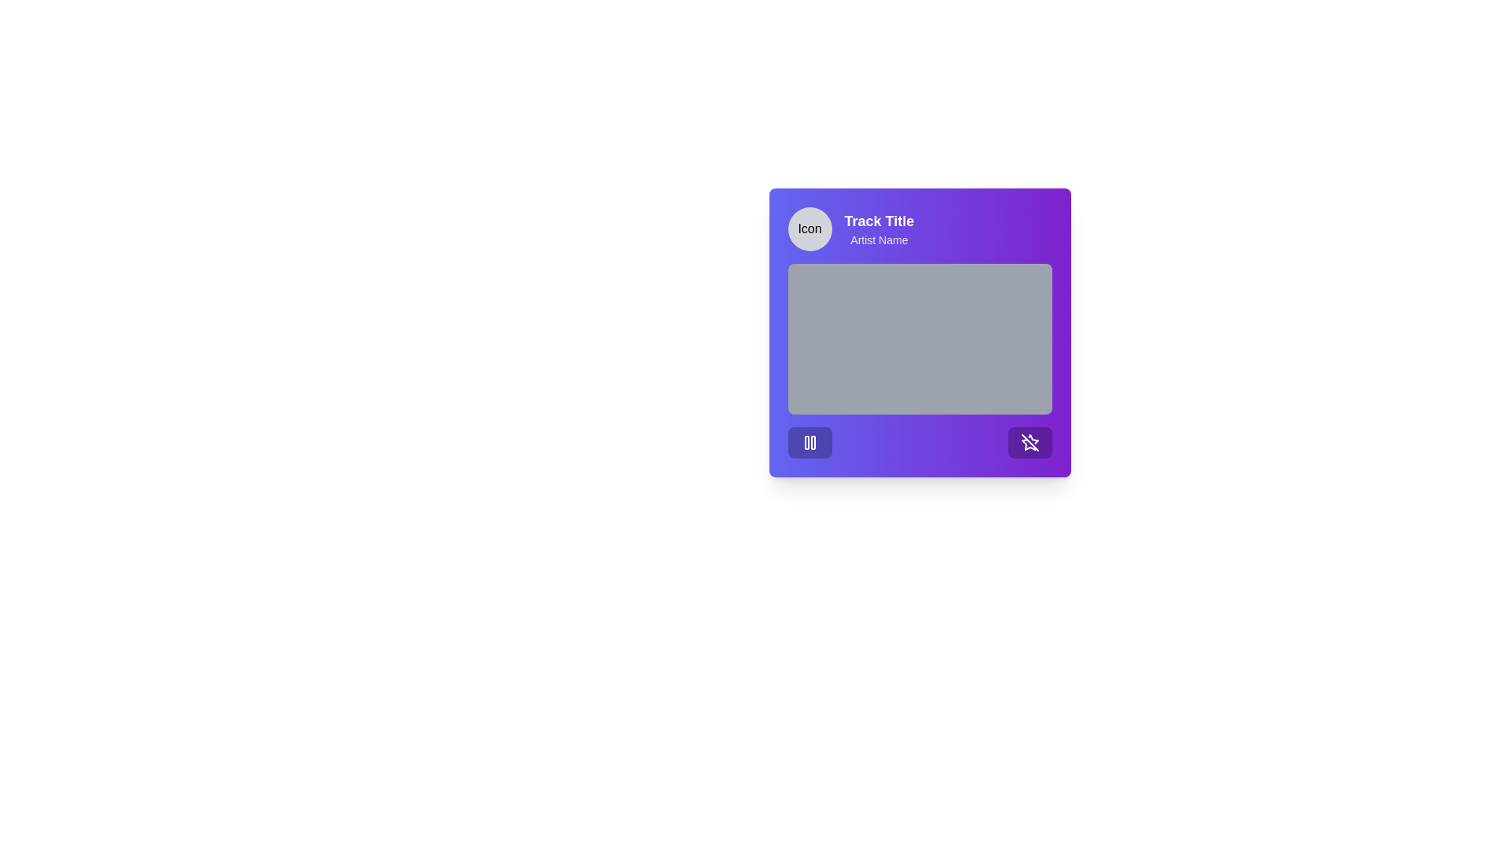 Image resolution: width=1509 pixels, height=848 pixels. I want to click on the Content display area that serves as a placeholder for visual or interactive media content, located centrally below the track title and artist name, and above the control buttons, so click(920, 338).